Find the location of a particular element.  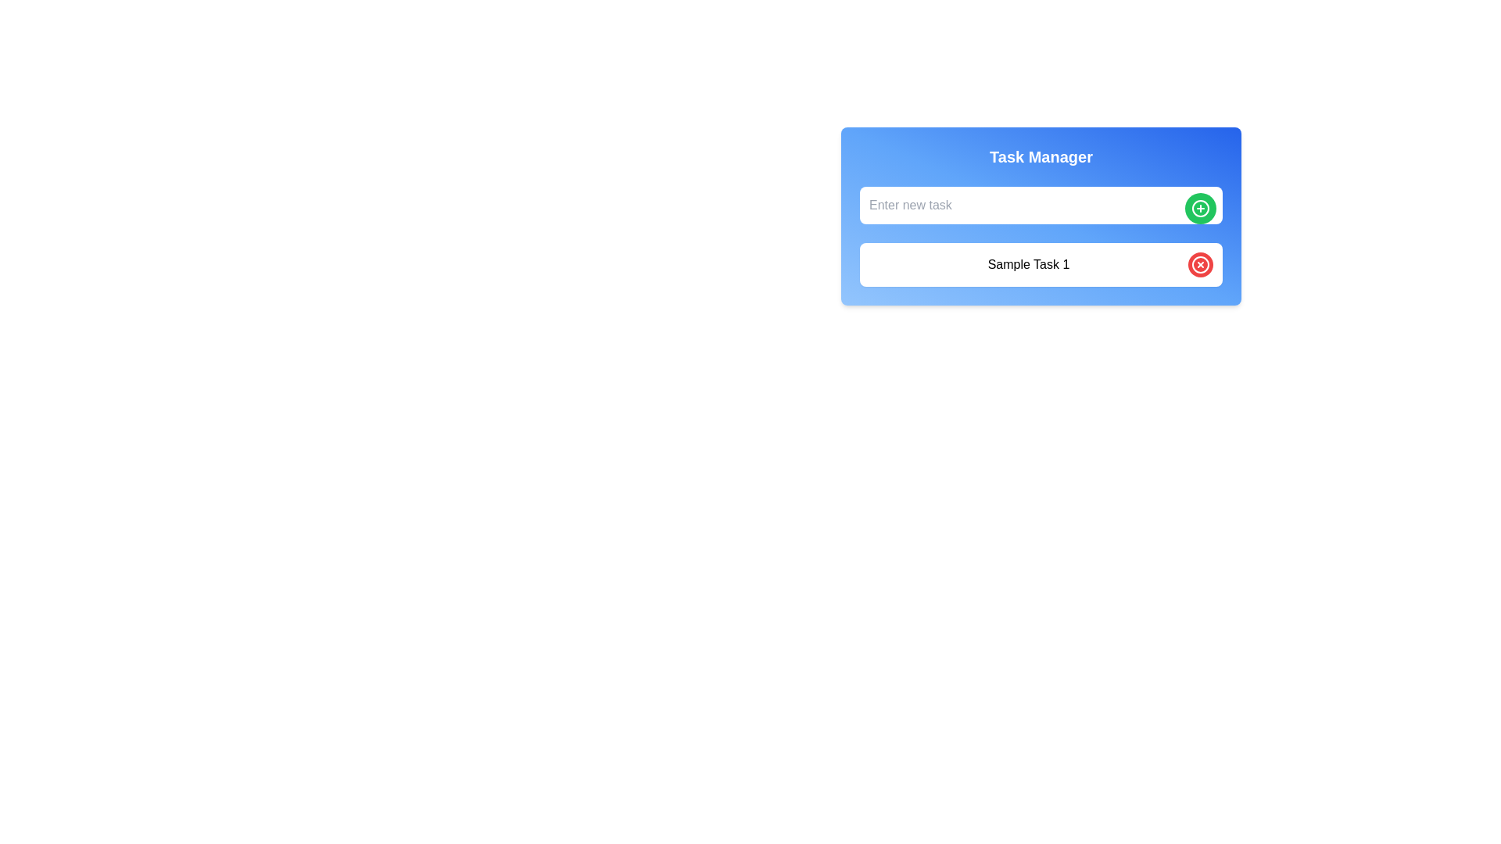

the icon inside the green circular button to the right of the 'Enter new task' input box is located at coordinates (1200, 207).